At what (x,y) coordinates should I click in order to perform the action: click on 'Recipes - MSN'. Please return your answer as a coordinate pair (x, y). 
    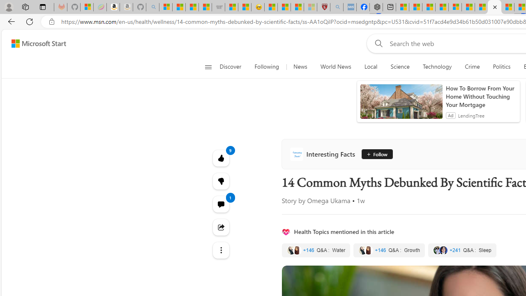
    Looking at the image, I should click on (271, 7).